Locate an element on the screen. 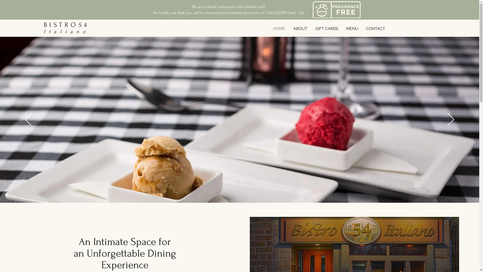  'BISTRO54' is located at coordinates (66, 25).